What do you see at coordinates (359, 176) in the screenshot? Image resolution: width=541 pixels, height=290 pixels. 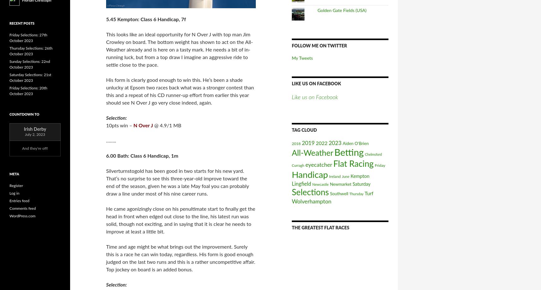 I see `'Kempton'` at bounding box center [359, 176].